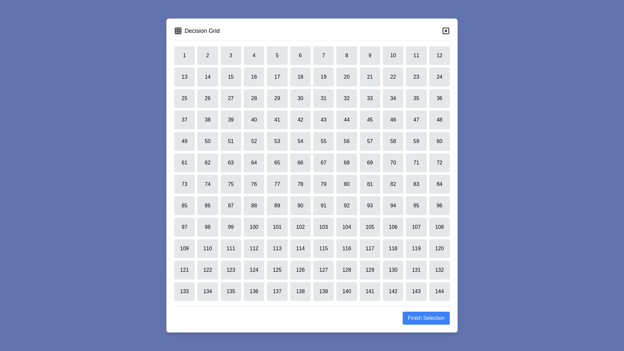 The height and width of the screenshot is (351, 624). Describe the element at coordinates (231, 55) in the screenshot. I see `the grid cell with number 3` at that location.